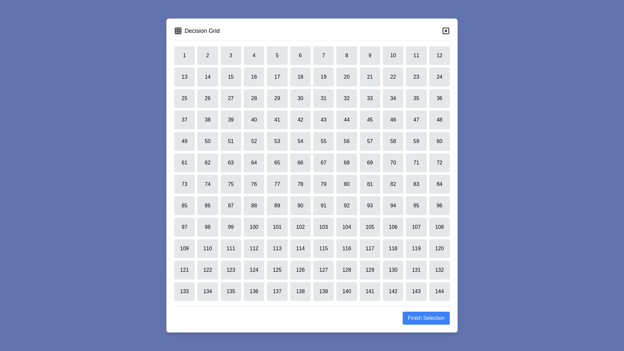 The height and width of the screenshot is (351, 624). Describe the element at coordinates (231, 55) in the screenshot. I see `the grid cell with number 3` at that location.